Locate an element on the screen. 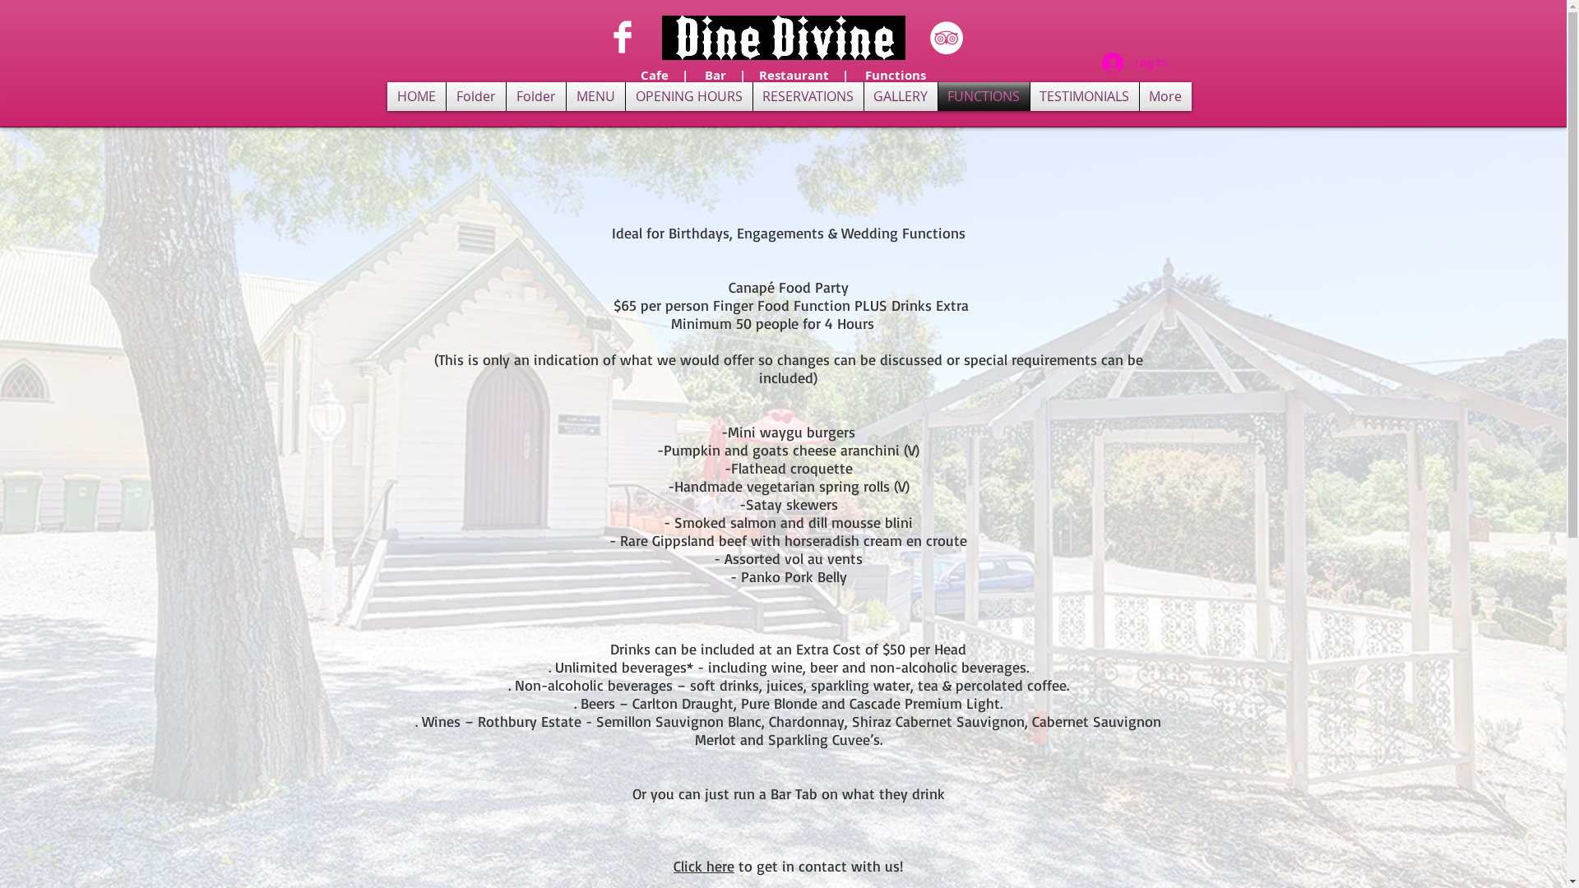  'GALLERY' is located at coordinates (899, 96).